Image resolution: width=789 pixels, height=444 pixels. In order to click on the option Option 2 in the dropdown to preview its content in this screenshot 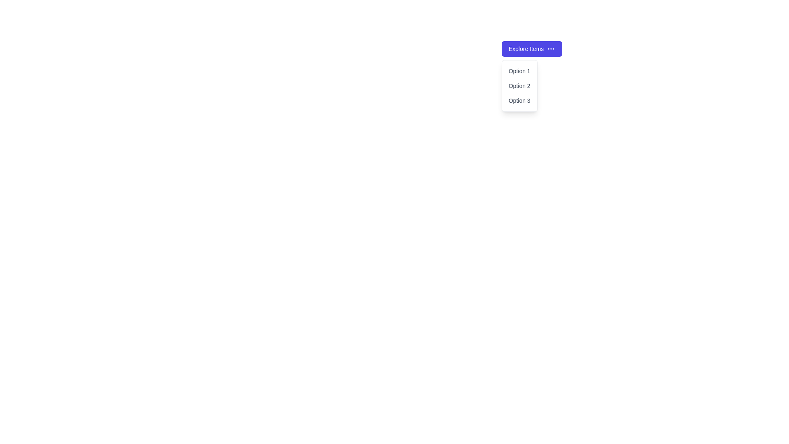, I will do `click(519, 86)`.